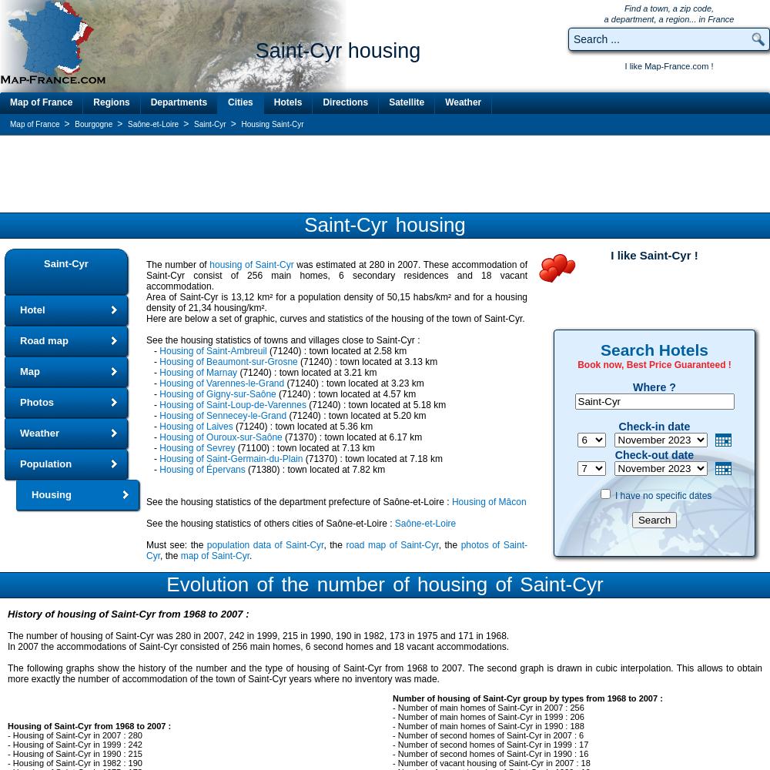 This screenshot has width=770, height=770. I want to click on 'Evolution of the number of housing of Saint-Cyr', so click(166, 584).